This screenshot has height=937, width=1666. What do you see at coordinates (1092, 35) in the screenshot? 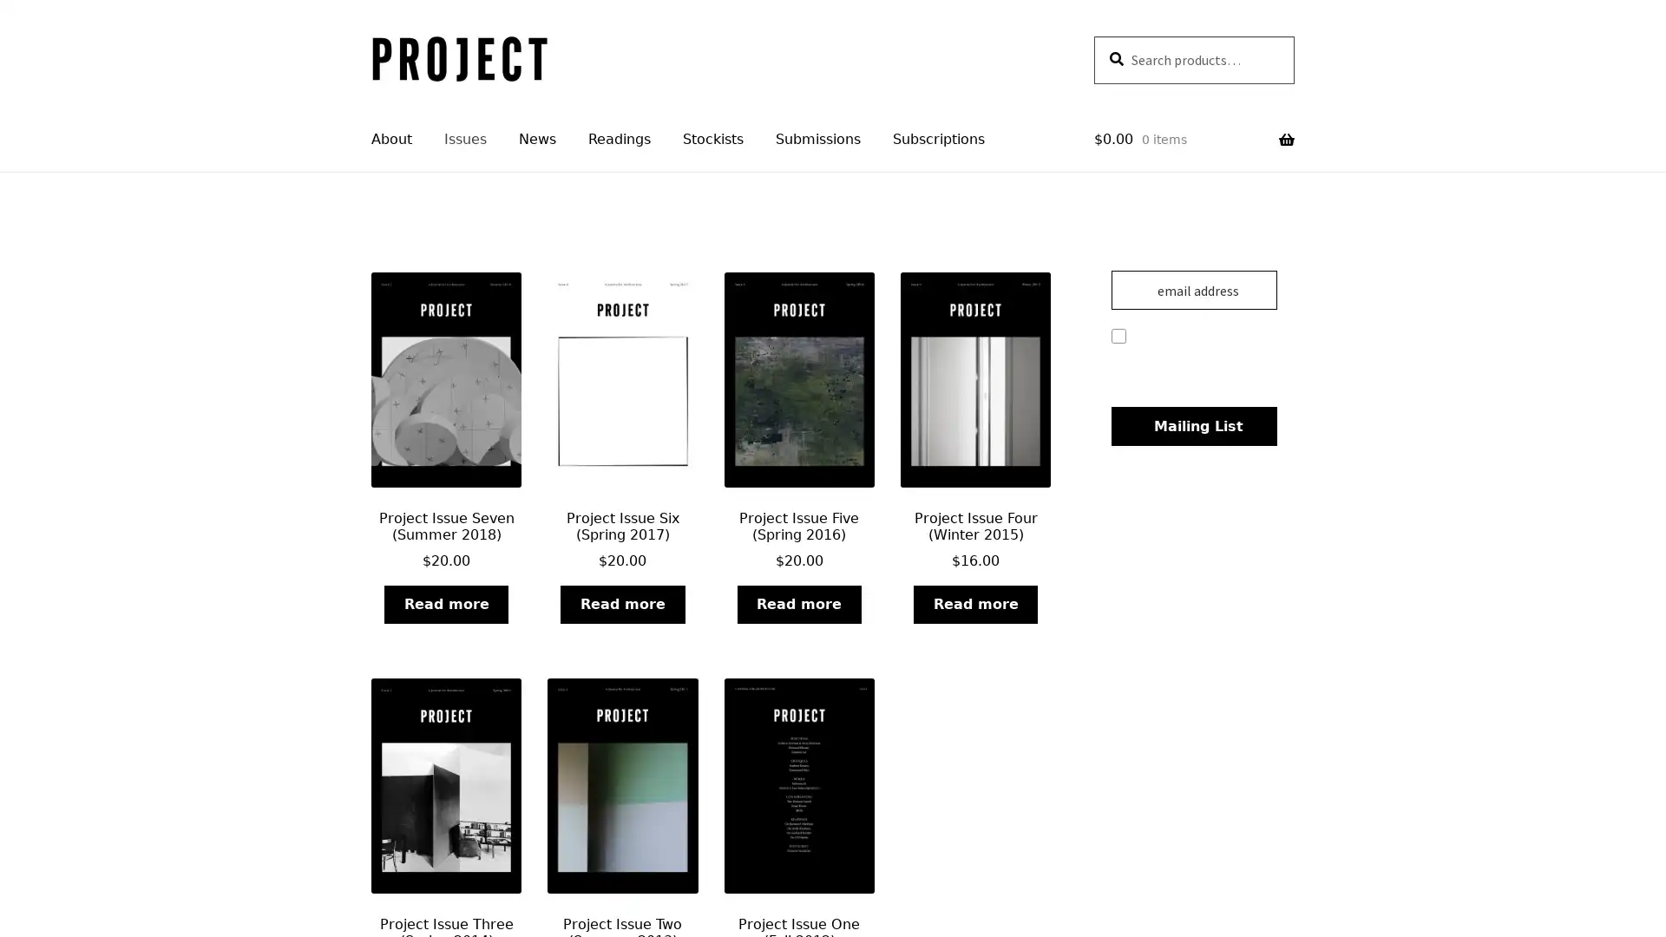
I see `Search` at bounding box center [1092, 35].